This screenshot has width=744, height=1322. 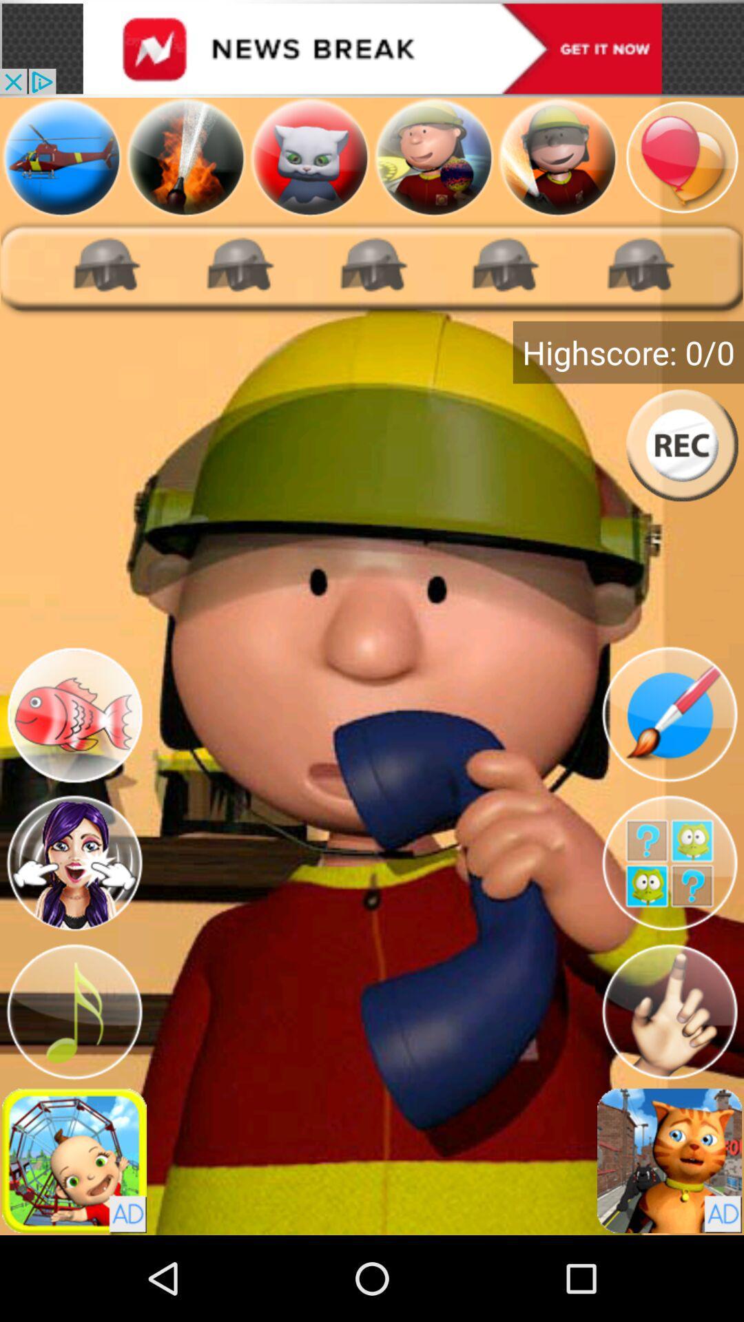 I want to click on the music icon, so click(x=74, y=1082).